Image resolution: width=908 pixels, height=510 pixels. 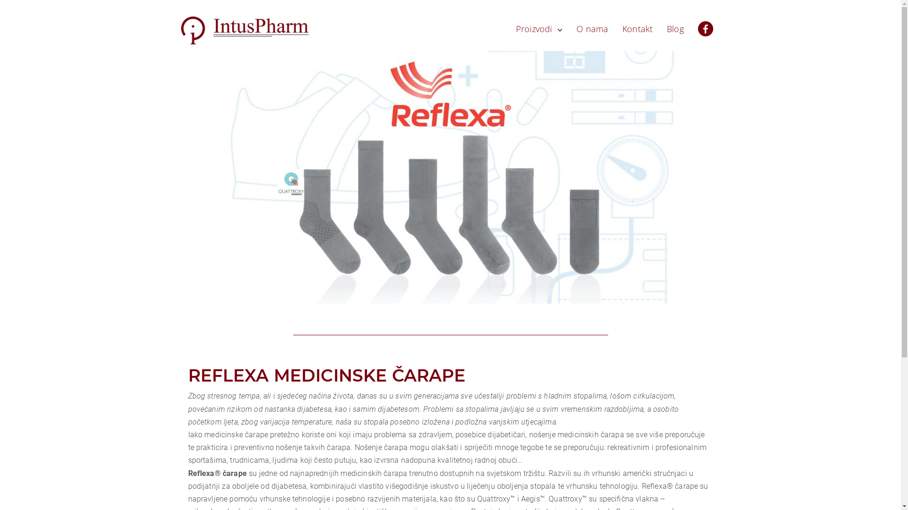 What do you see at coordinates (539, 28) in the screenshot?
I see `'Proizvodi'` at bounding box center [539, 28].